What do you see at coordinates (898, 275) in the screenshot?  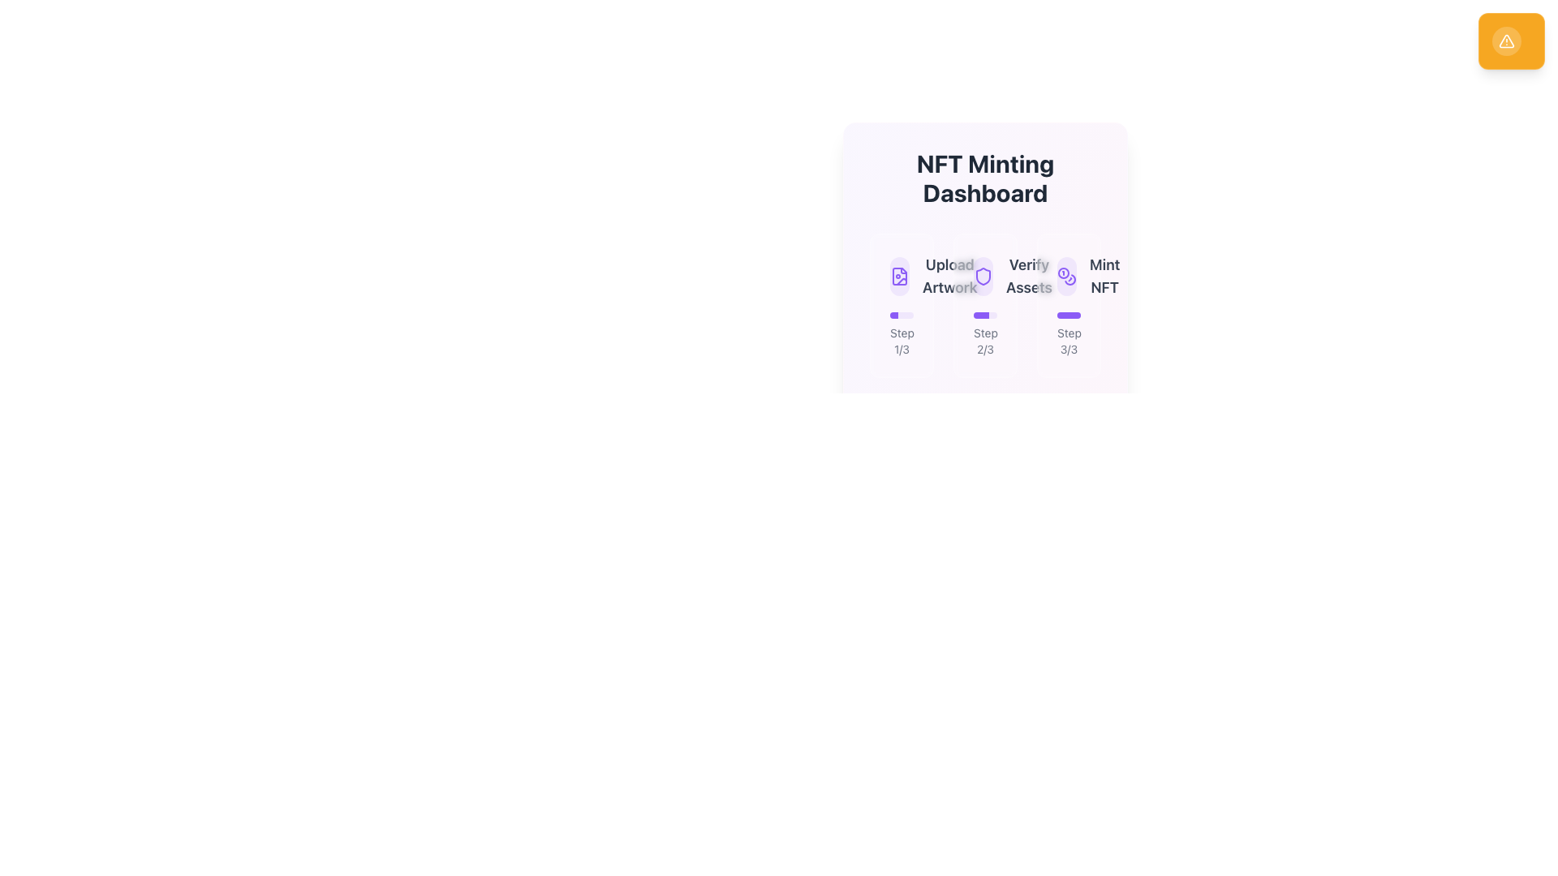 I see `the leftmost icon in the row beneath the 'Upload Artwork' label, which represents the action or status related to uploading artwork` at bounding box center [898, 275].